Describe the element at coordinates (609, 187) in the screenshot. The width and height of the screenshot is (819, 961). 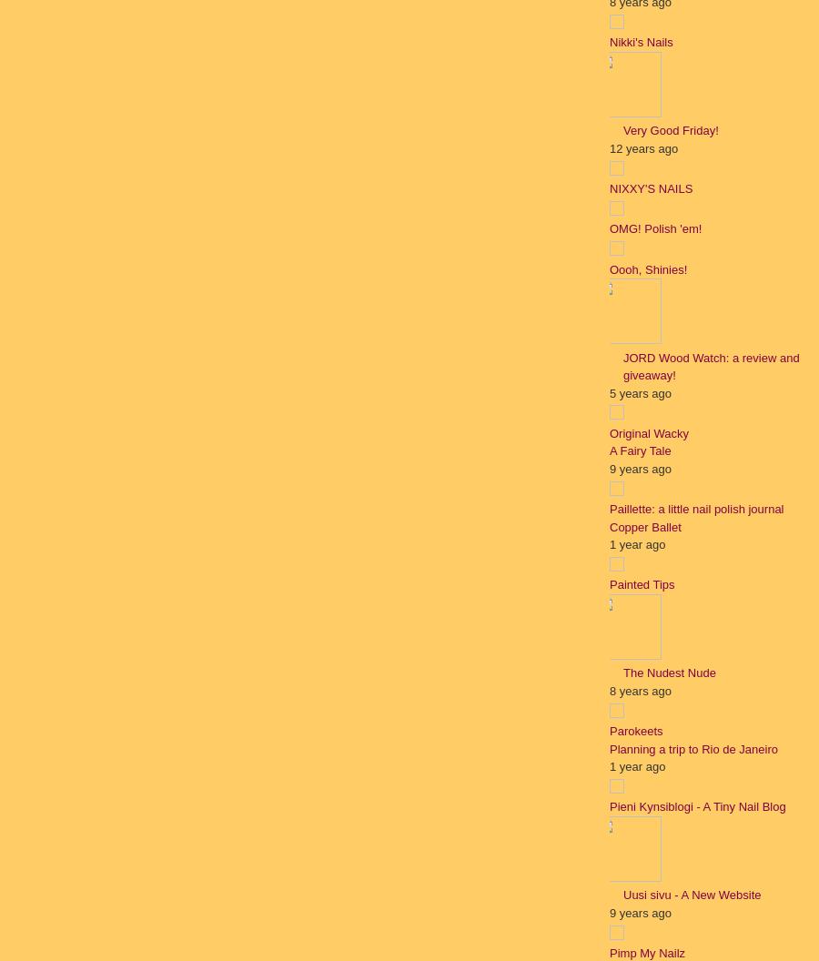
I see `'NIXXY'S NAILS'` at that location.